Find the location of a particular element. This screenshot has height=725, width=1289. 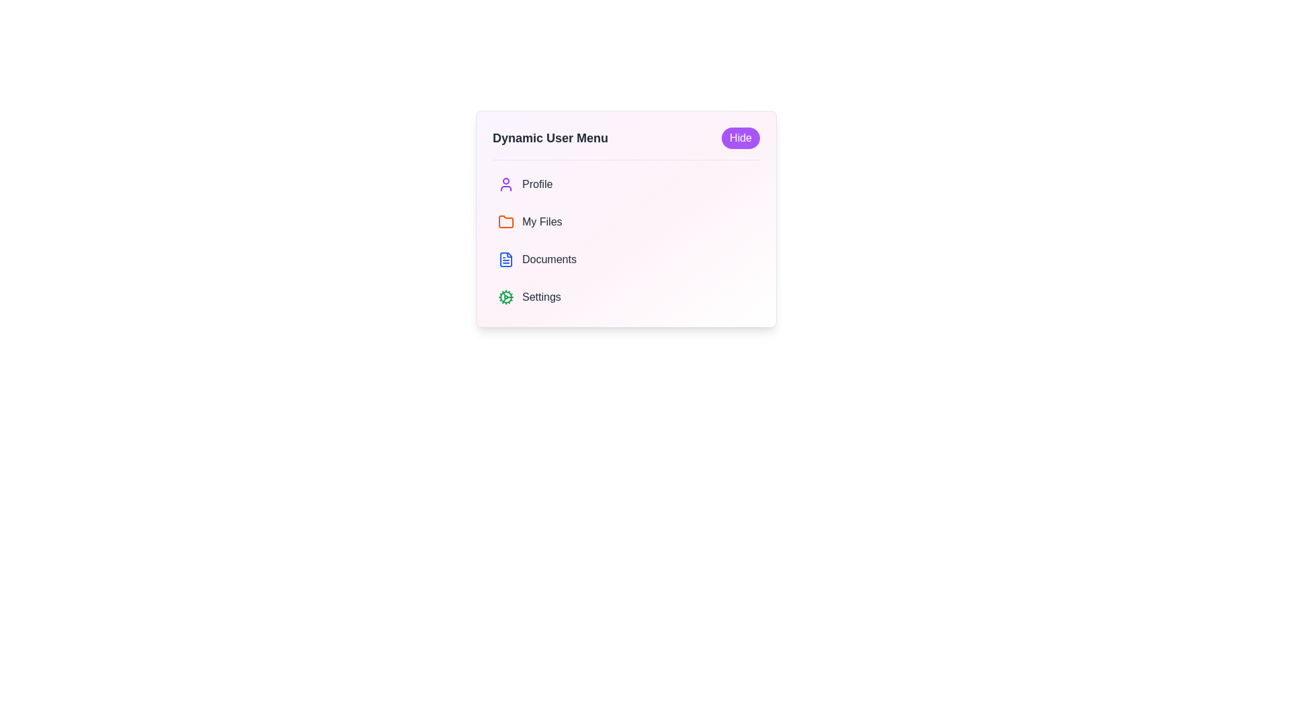

the 'Documents' button located under the 'Dynamic User Menu' is located at coordinates (625, 259).